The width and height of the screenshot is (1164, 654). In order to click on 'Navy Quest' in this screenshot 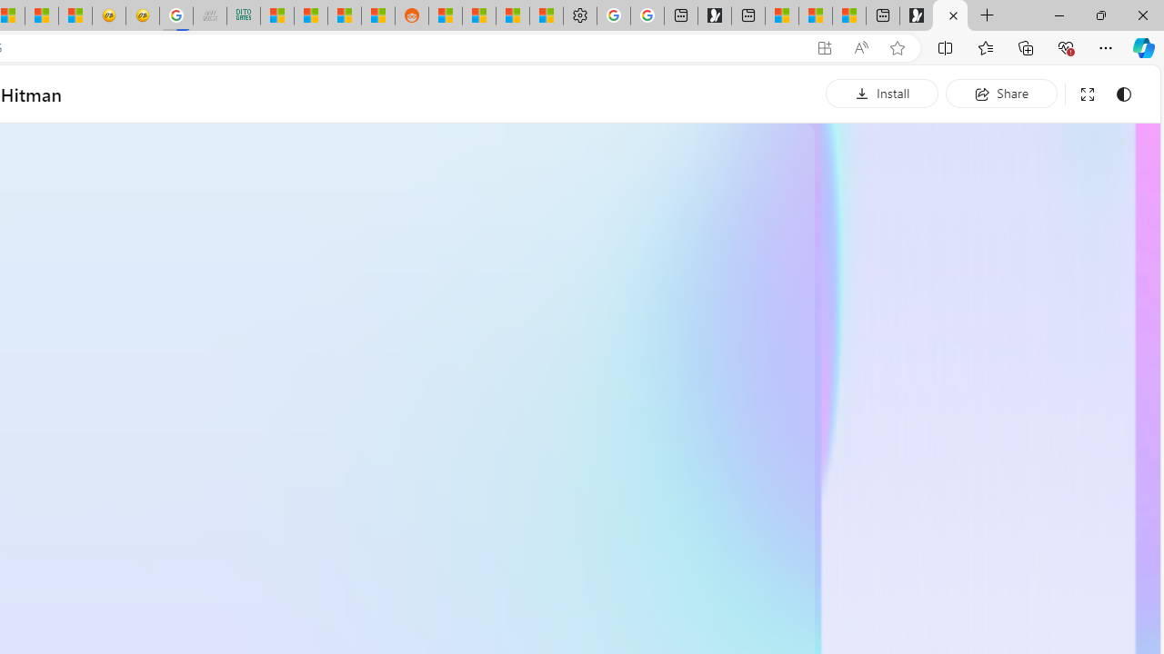, I will do `click(210, 15)`.